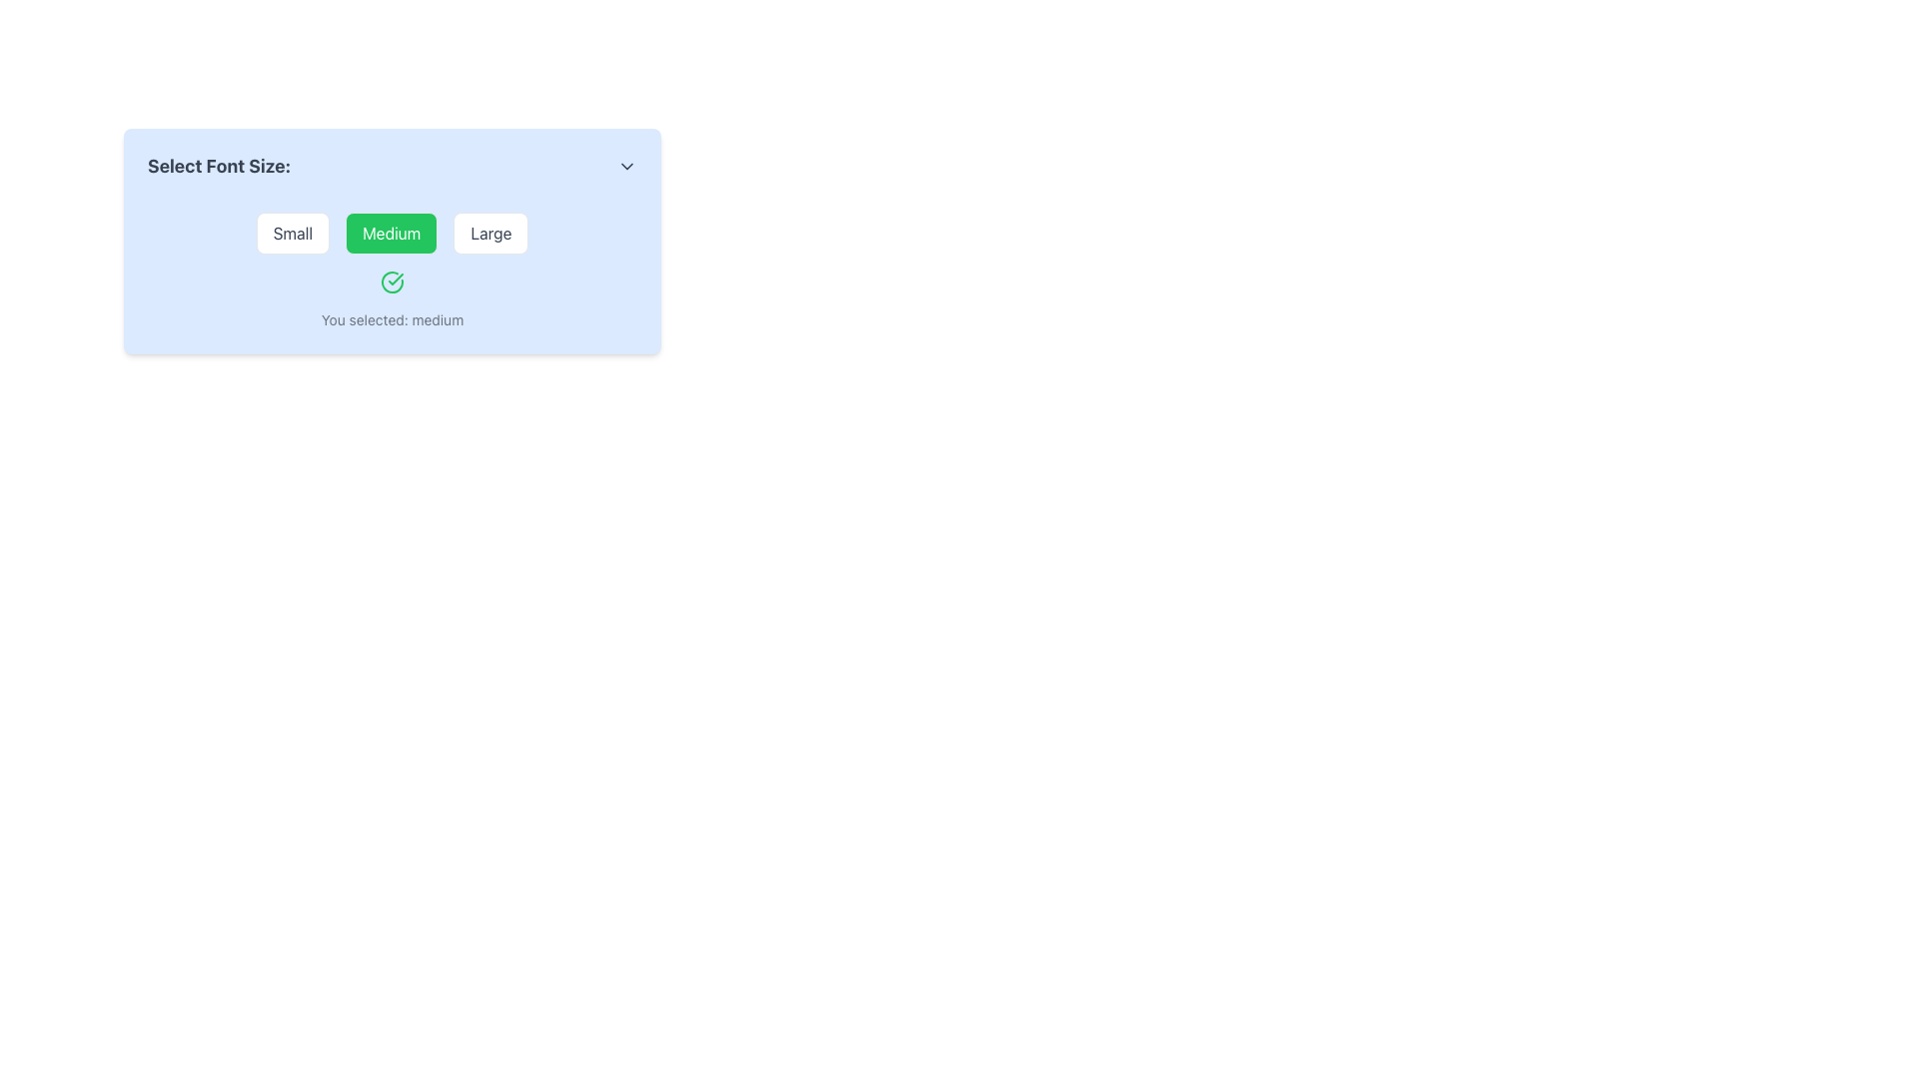 The image size is (1918, 1078). What do you see at coordinates (626, 165) in the screenshot?
I see `the chevron-down icon located at the upper-right corner of the 'Select Font Size:' header` at bounding box center [626, 165].